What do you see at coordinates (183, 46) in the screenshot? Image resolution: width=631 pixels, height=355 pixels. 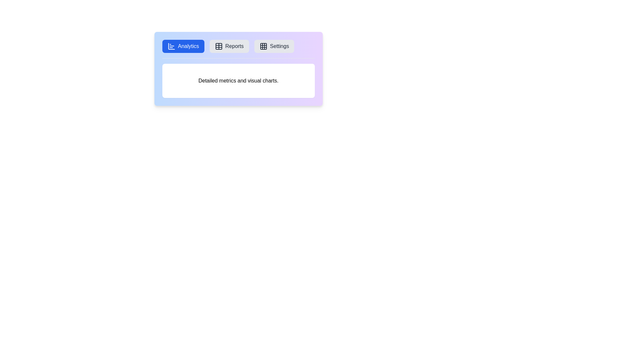 I see `the Analytics tab by clicking on it` at bounding box center [183, 46].